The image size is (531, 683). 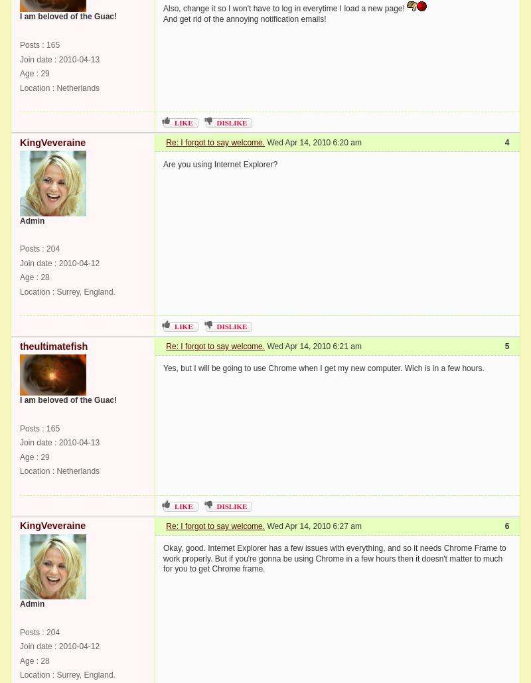 What do you see at coordinates (285, 8) in the screenshot?
I see `'Also, change it so I won't have to log in everytime I load a new page!'` at bounding box center [285, 8].